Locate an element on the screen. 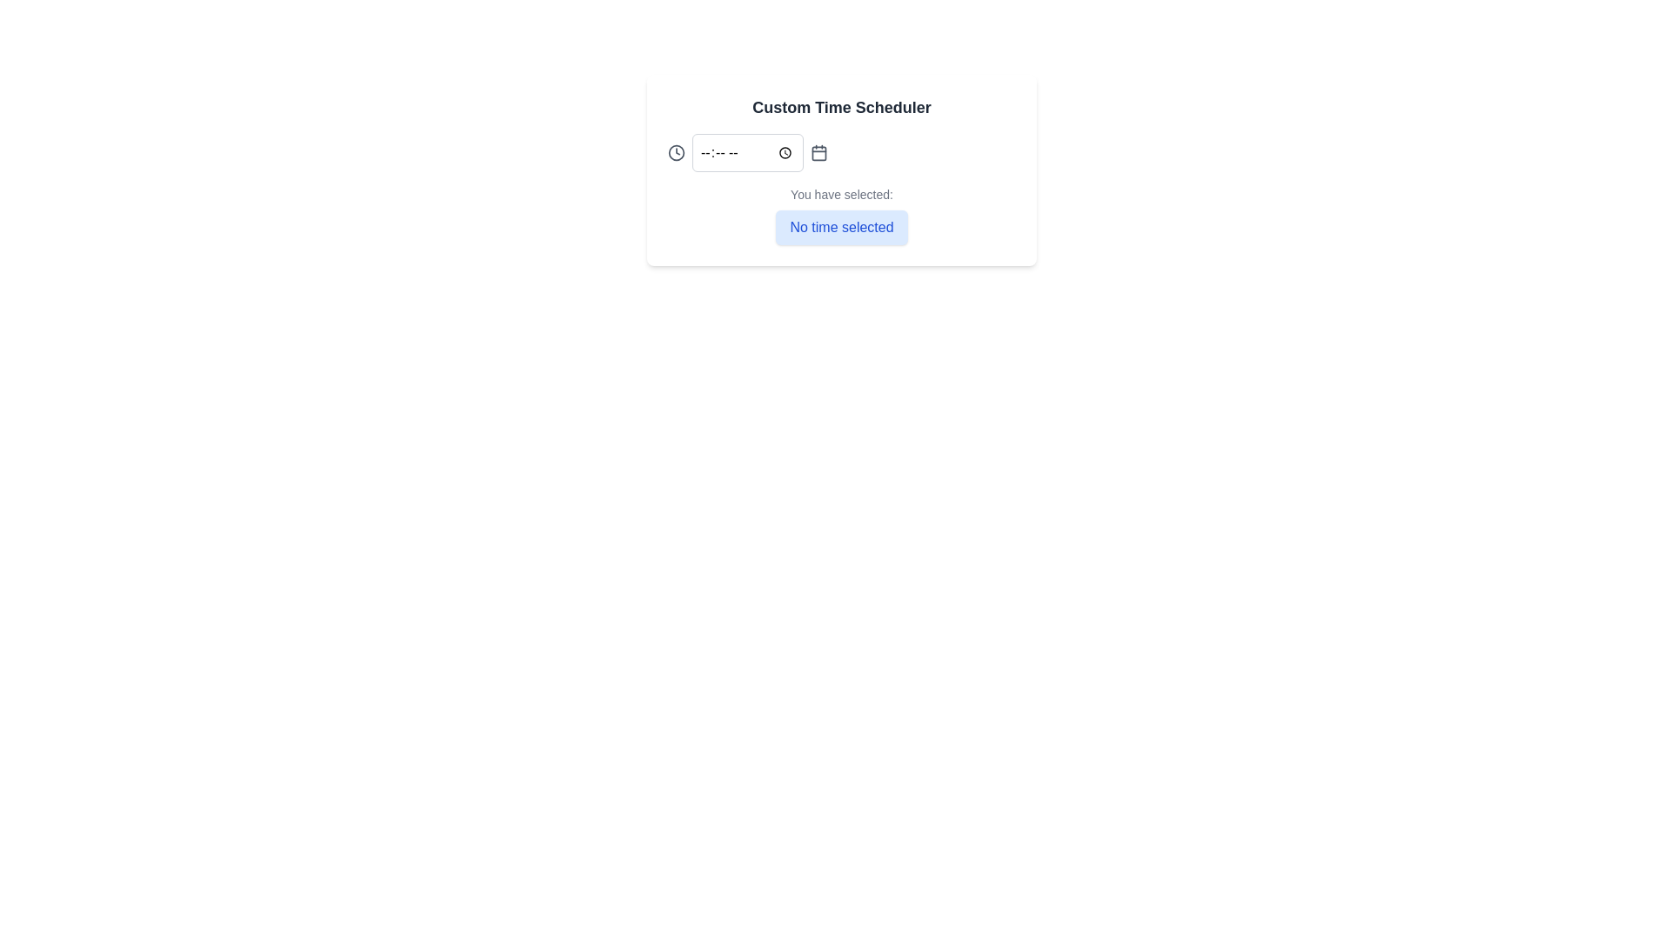 This screenshot has height=939, width=1670. the clickable part of the calendar icon located on the right side of the time selection field to interact with the date picker options is located at coordinates (818, 152).